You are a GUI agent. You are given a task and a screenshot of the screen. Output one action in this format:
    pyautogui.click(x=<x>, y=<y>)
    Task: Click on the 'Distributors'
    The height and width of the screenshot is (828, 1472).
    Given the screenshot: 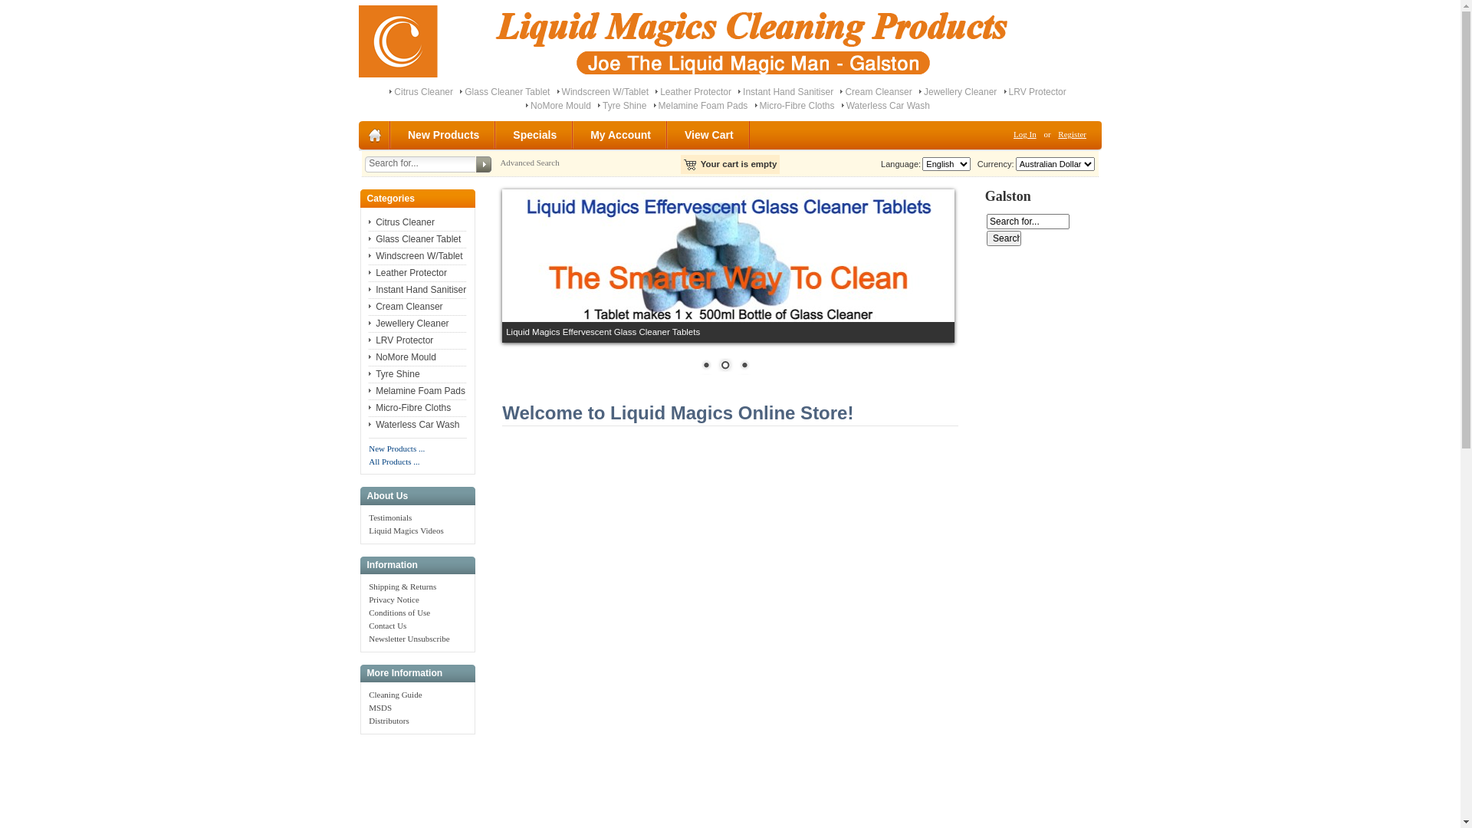 What is the action you would take?
    pyautogui.click(x=368, y=721)
    